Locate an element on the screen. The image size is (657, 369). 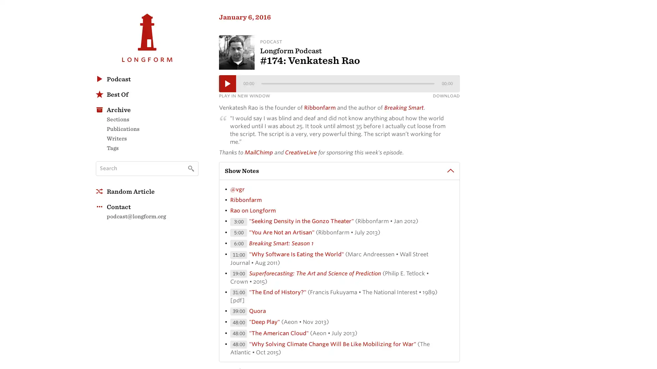
Play is located at coordinates (228, 84).